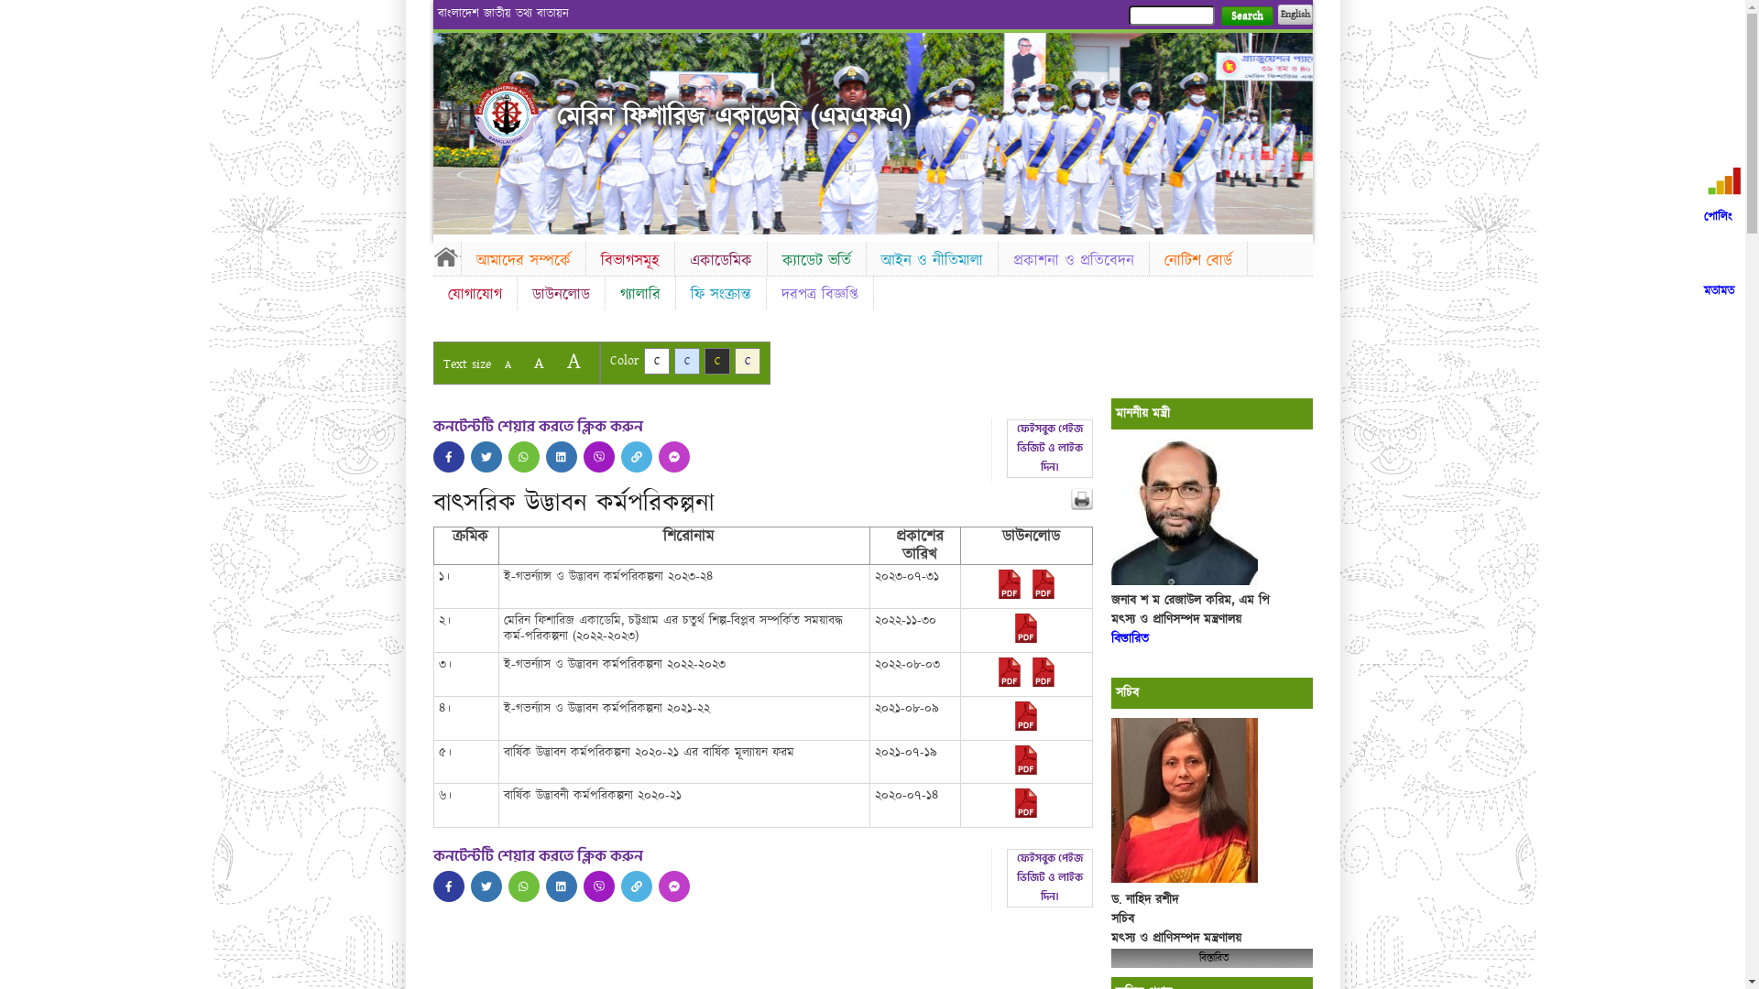  Describe the element at coordinates (506, 114) in the screenshot. I see `'Home'` at that location.